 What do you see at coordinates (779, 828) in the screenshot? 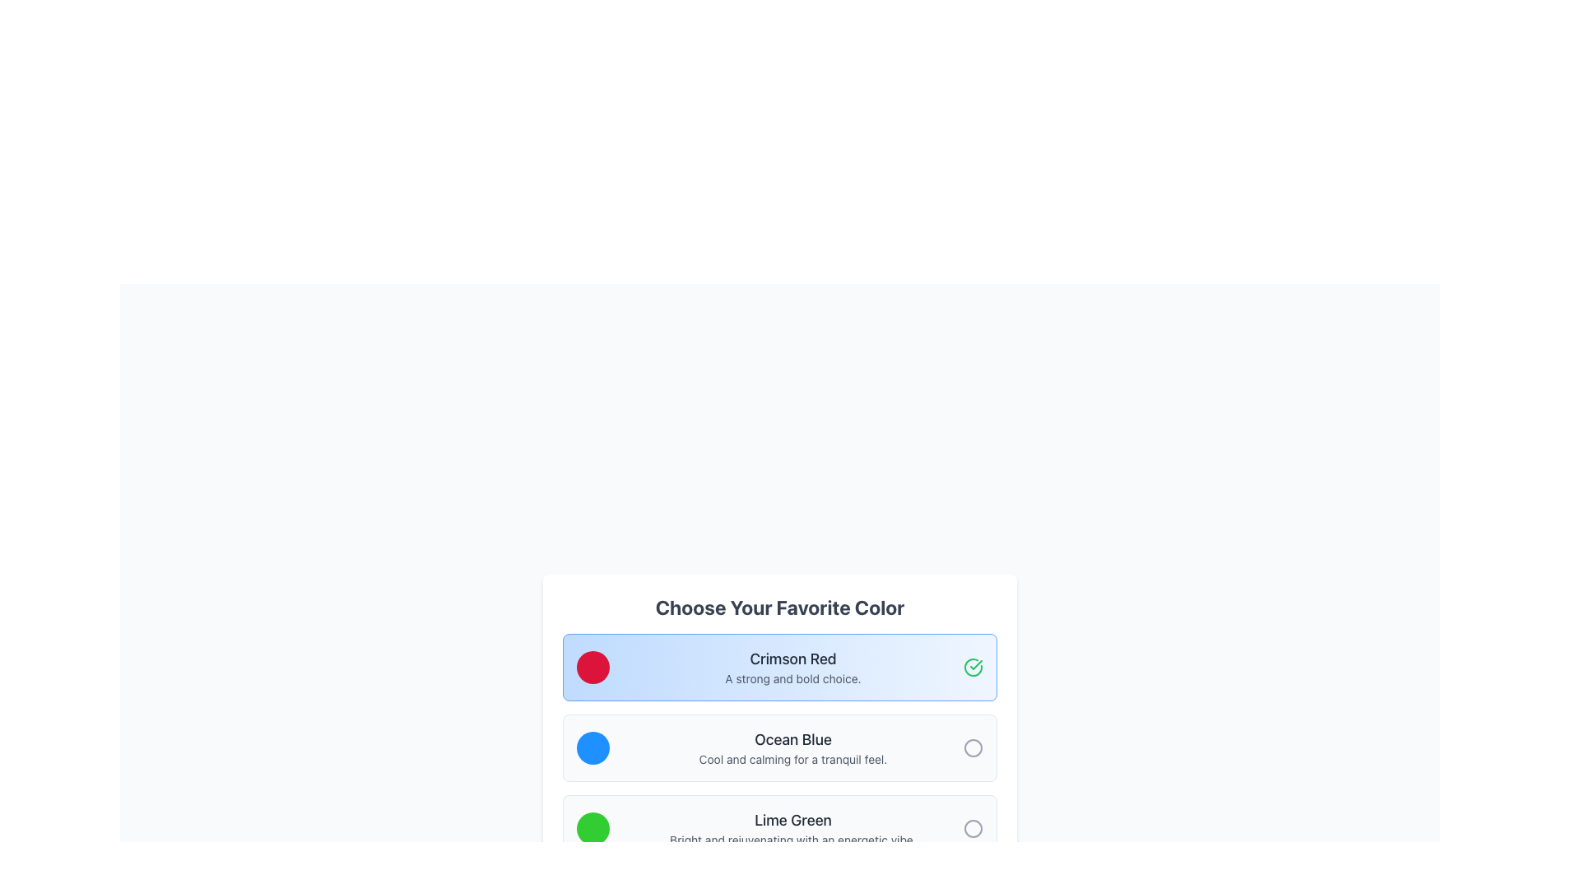
I see `the third selectable option block titled 'Lime Green' with a light gray background and a circular green icon` at bounding box center [779, 828].